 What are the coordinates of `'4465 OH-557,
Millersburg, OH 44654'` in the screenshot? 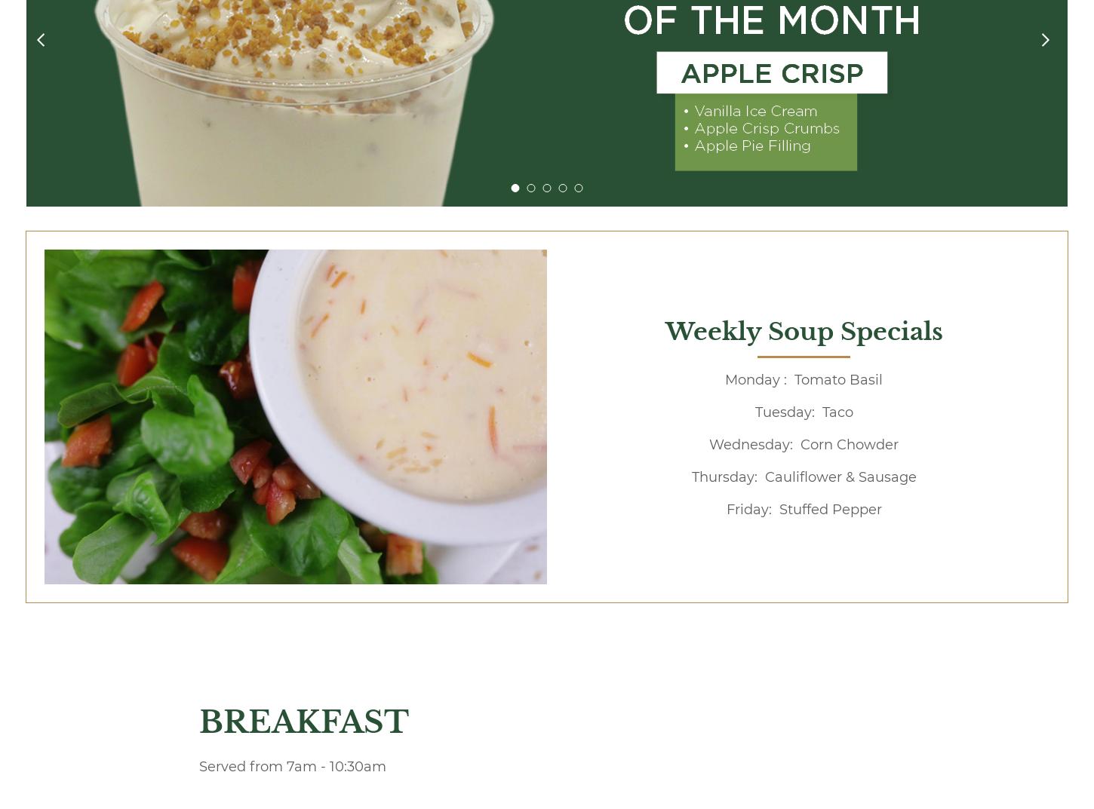 It's located at (125, 686).